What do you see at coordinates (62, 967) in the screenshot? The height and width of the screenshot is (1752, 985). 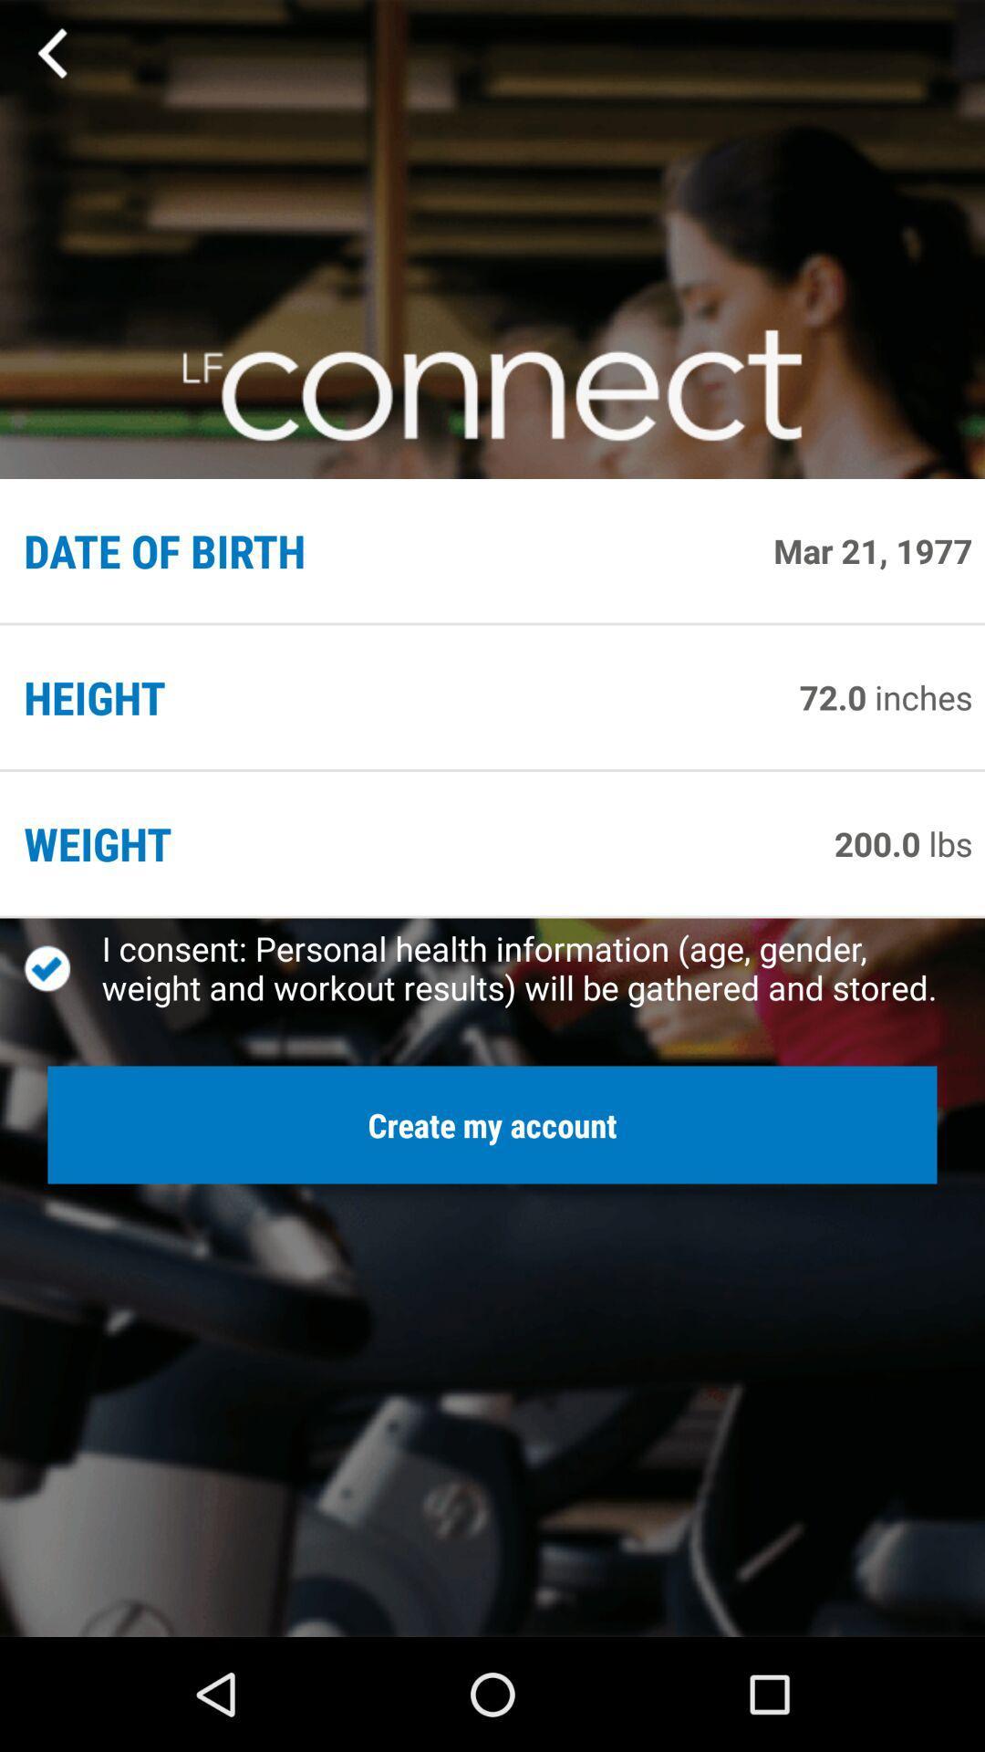 I see `the icon next to the i consent personal item` at bounding box center [62, 967].